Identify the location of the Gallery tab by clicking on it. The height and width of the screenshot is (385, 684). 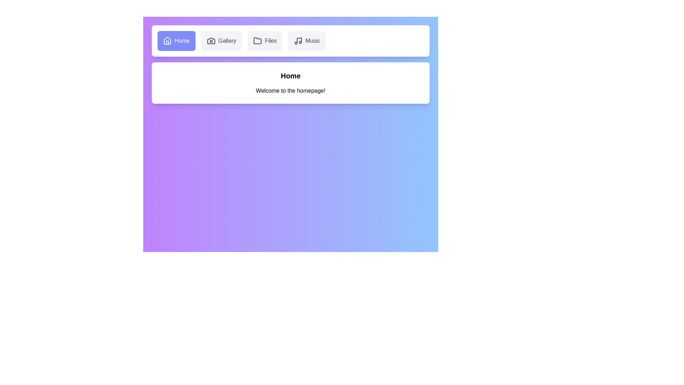
(221, 41).